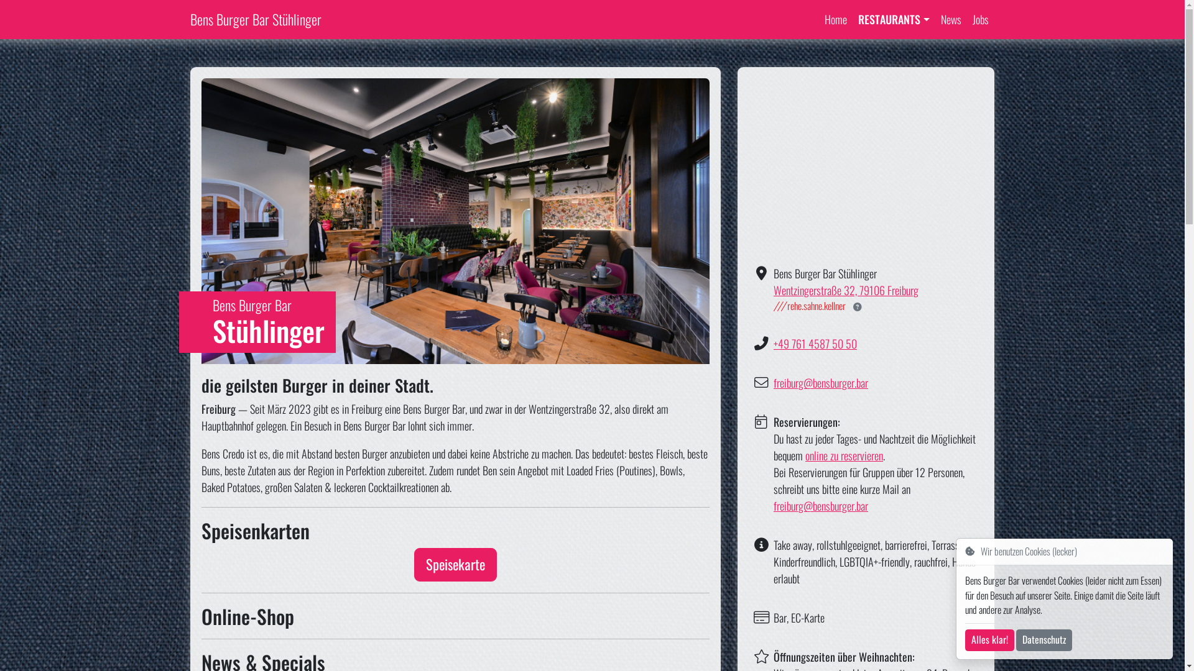 This screenshot has height=671, width=1194. Describe the element at coordinates (836, 19) in the screenshot. I see `'Home'` at that location.